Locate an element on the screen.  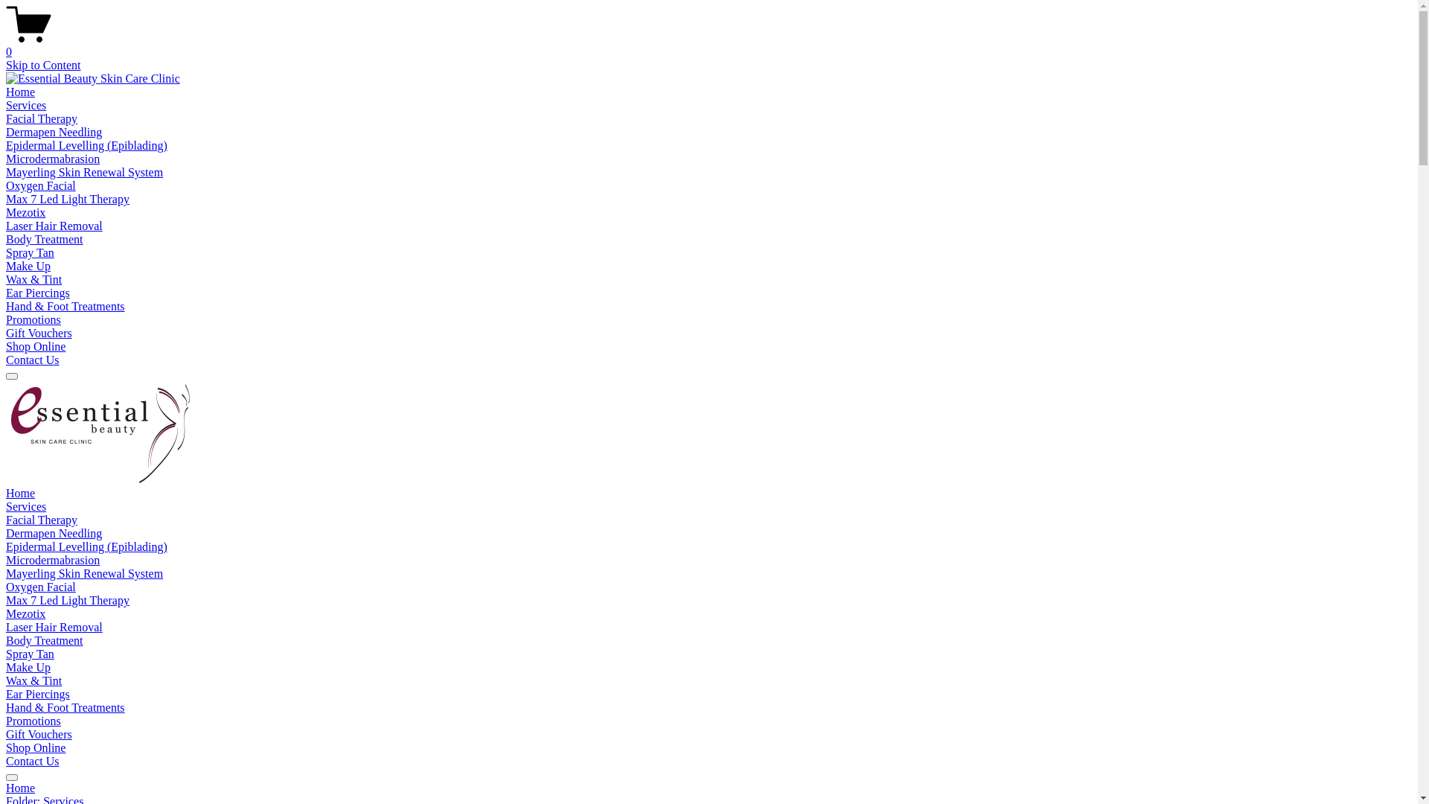
'Shop Online' is located at coordinates (36, 747).